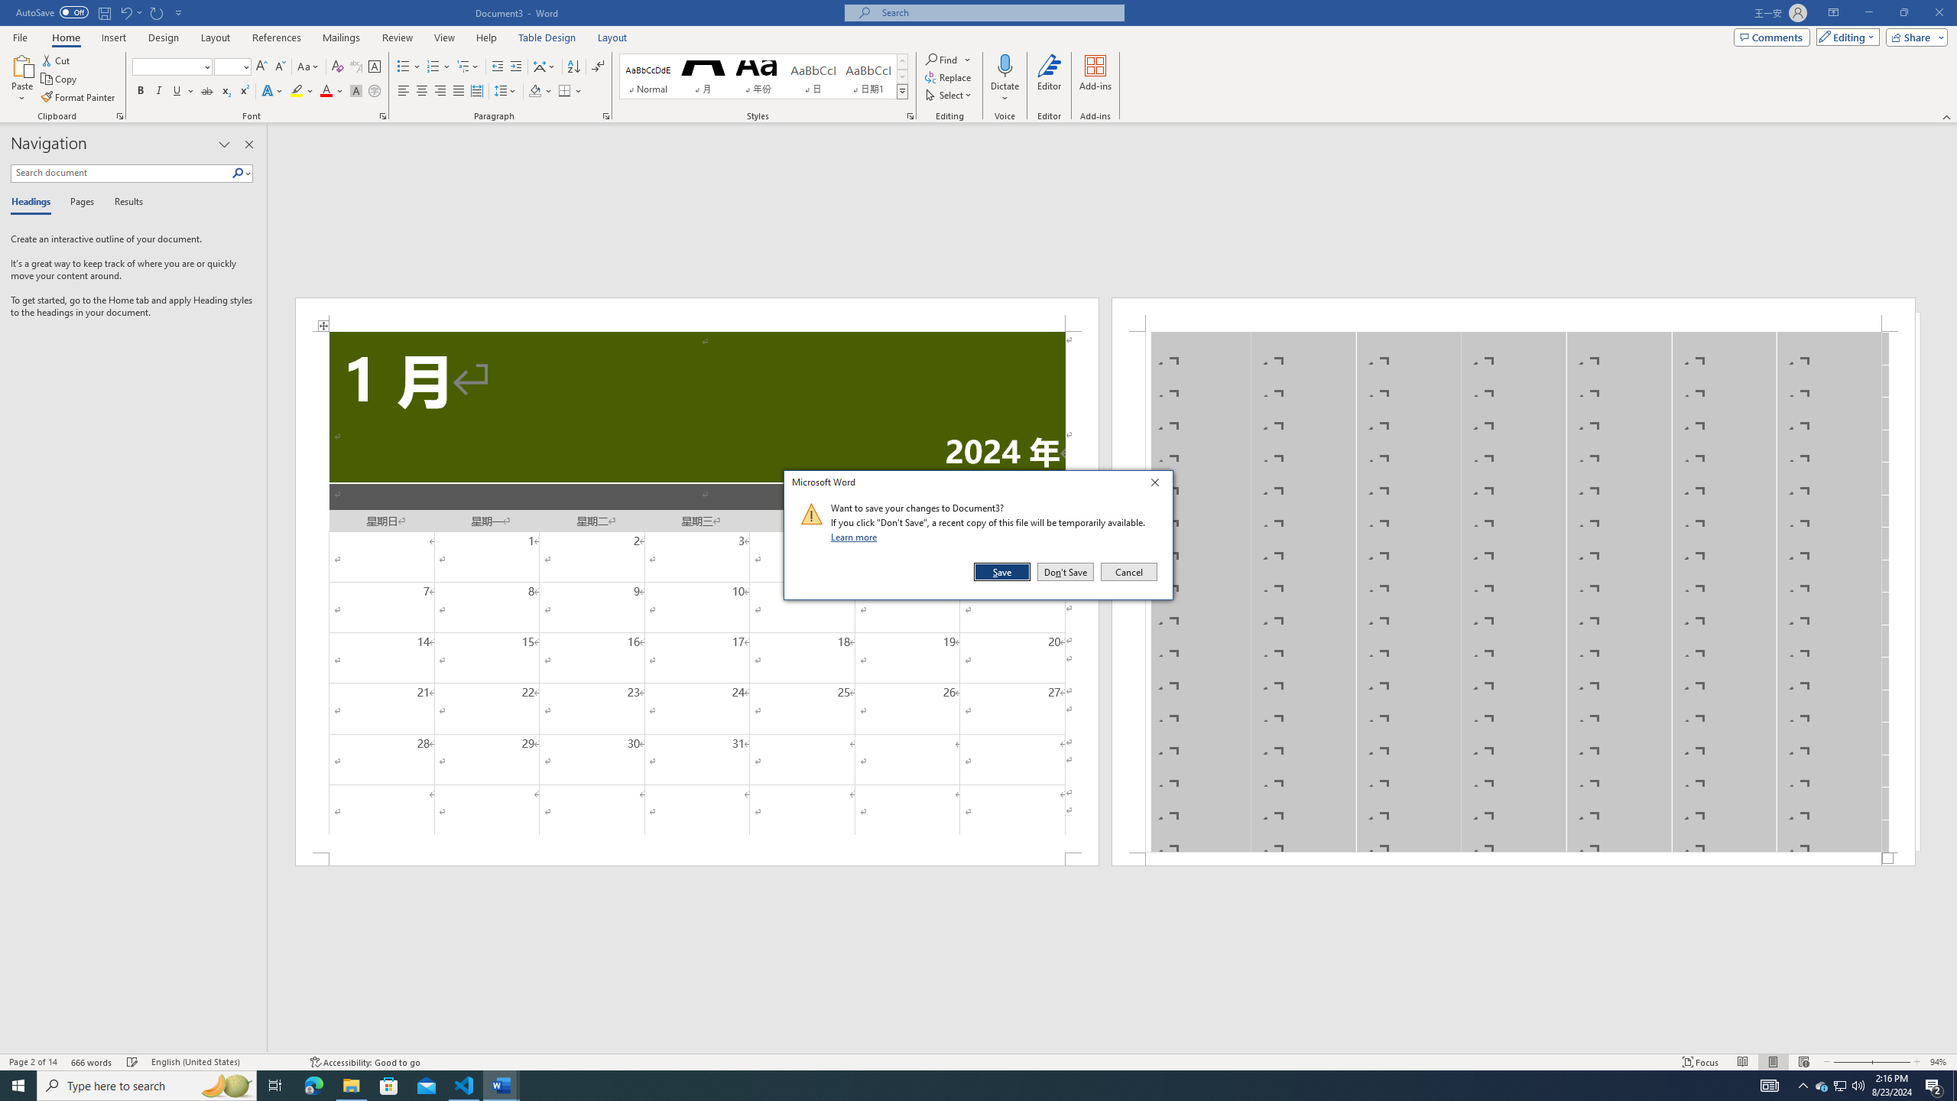 The width and height of the screenshot is (1957, 1101). I want to click on 'Align Left', so click(403, 90).